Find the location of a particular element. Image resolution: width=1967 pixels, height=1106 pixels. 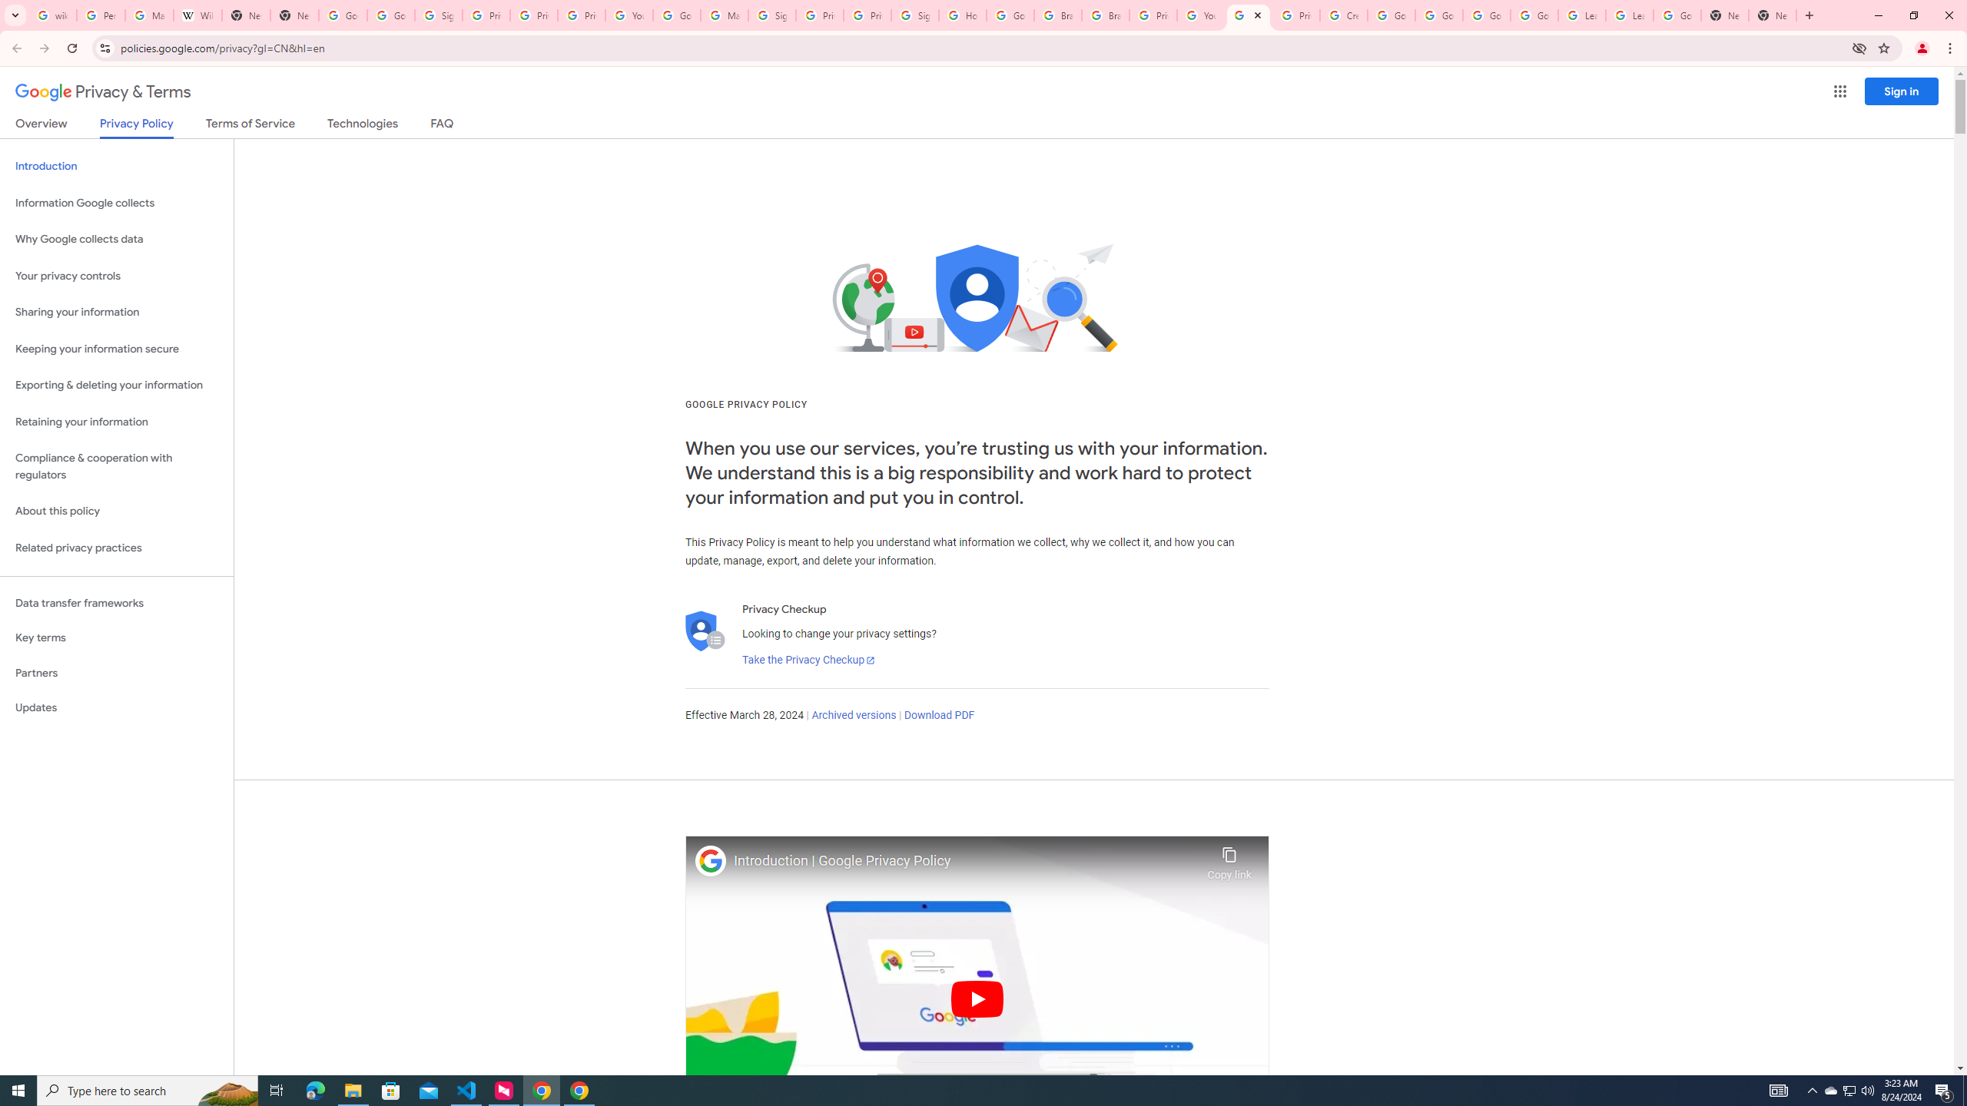

'Your privacy controls' is located at coordinates (116, 276).